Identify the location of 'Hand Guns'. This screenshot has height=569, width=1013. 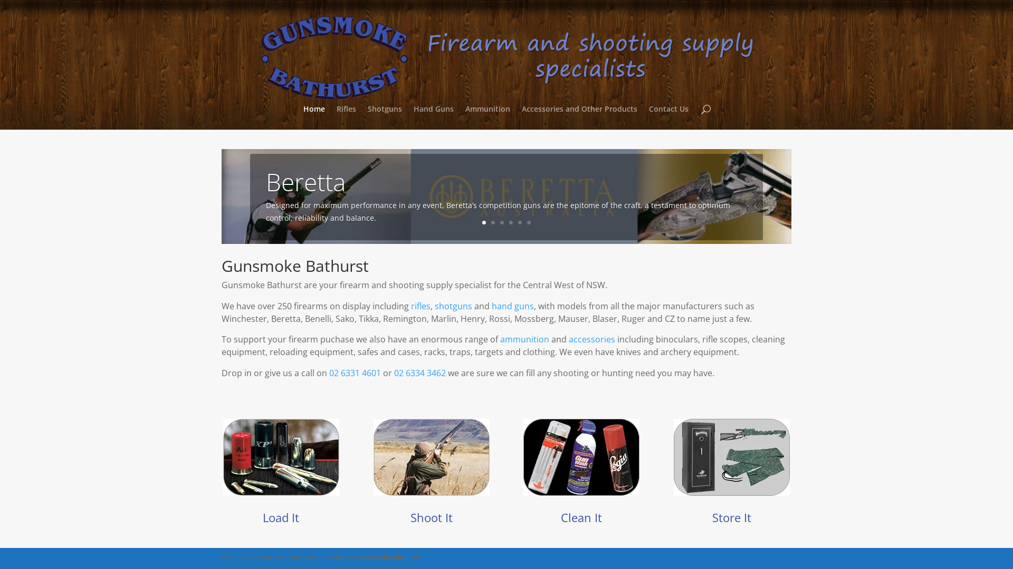
(433, 117).